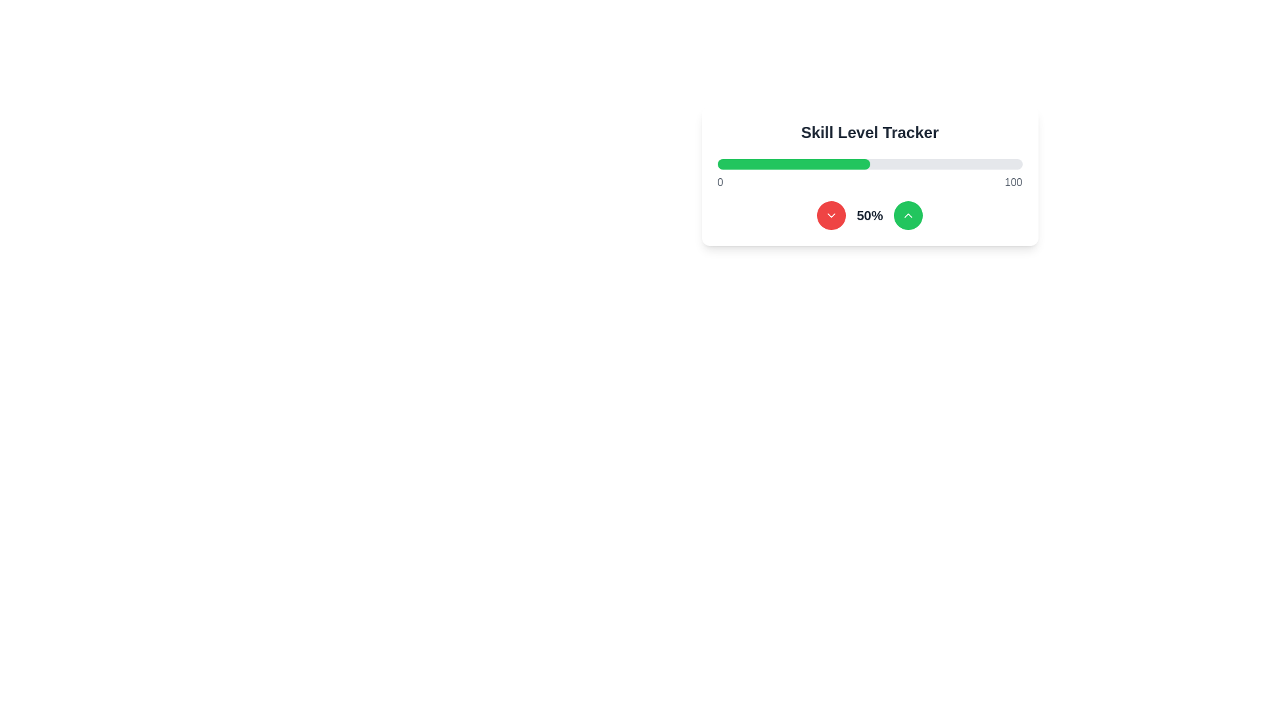 This screenshot has width=1262, height=710. Describe the element at coordinates (831, 214) in the screenshot. I see `the circular icon positioned to the left of the percentage indicator (50%)` at that location.